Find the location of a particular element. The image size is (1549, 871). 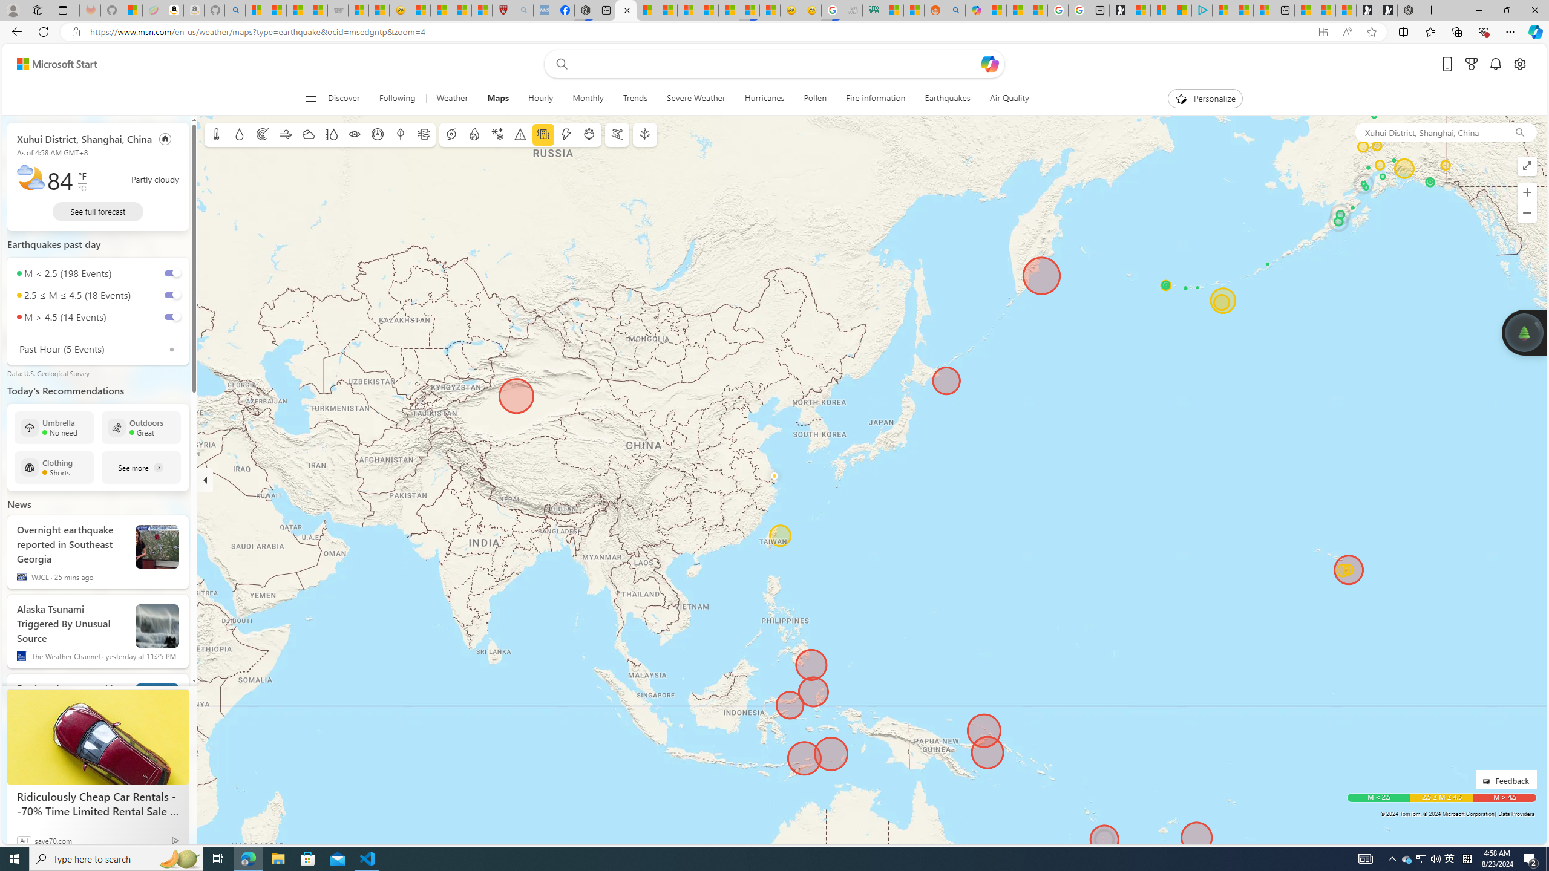

'Discover' is located at coordinates (349, 98).